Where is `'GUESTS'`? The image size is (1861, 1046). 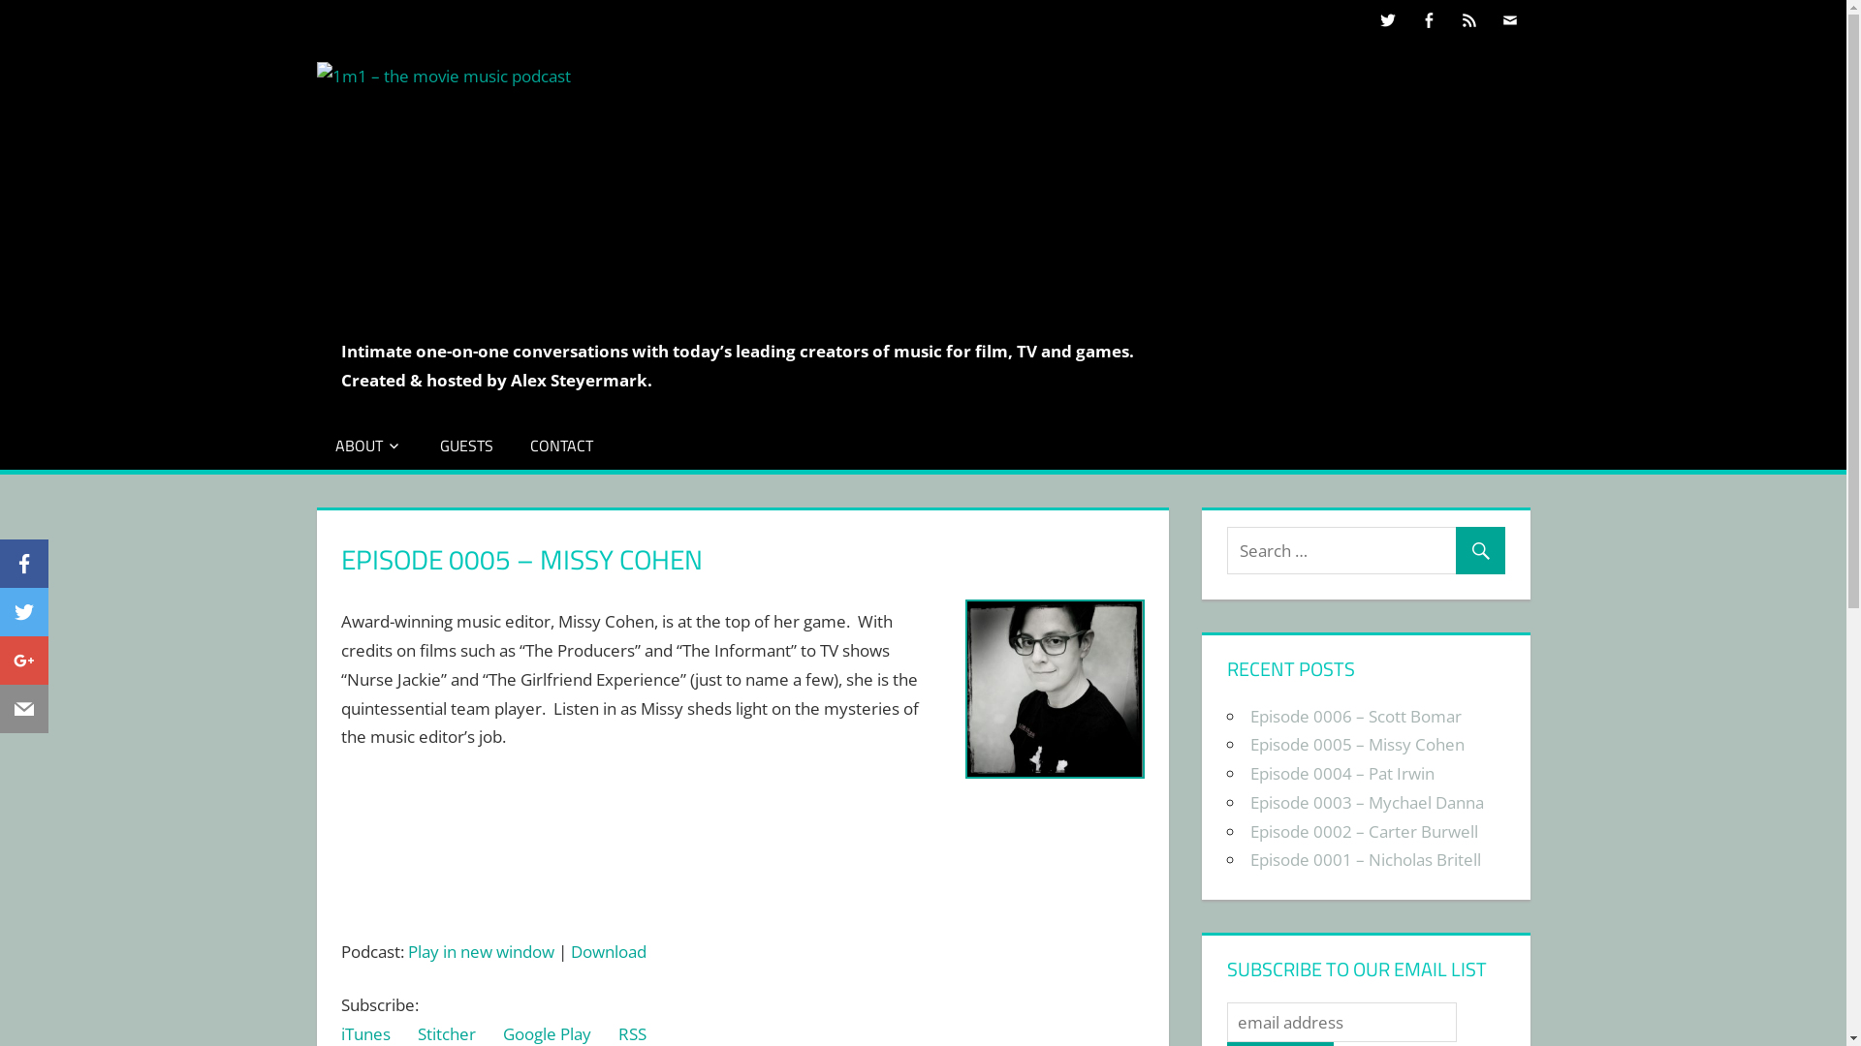 'GUESTS' is located at coordinates (466, 445).